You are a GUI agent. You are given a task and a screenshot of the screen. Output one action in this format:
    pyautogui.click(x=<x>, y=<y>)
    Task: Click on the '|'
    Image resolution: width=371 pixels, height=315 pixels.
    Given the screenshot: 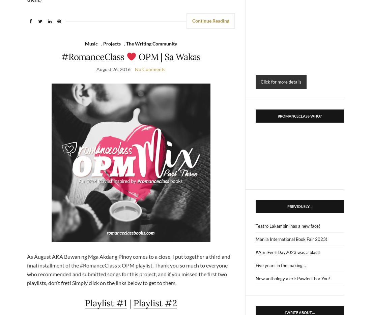 What is the action you would take?
    pyautogui.click(x=130, y=303)
    